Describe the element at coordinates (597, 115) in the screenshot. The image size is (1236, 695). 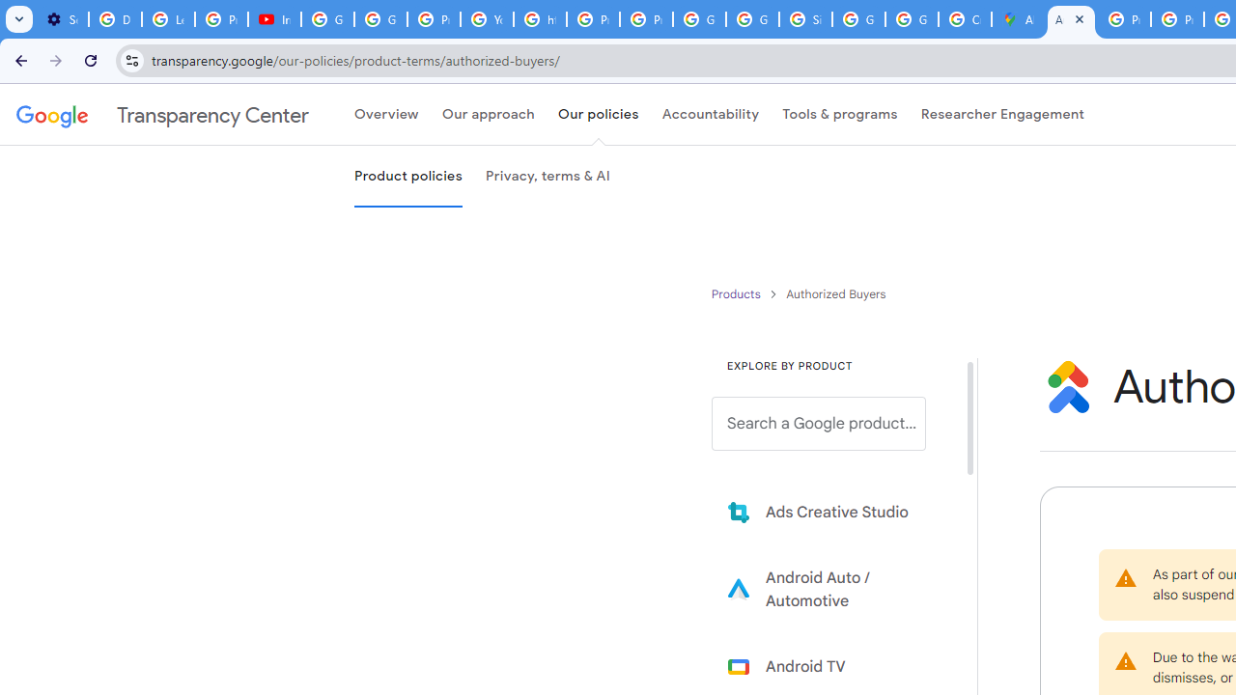
I see `'Our policies'` at that location.